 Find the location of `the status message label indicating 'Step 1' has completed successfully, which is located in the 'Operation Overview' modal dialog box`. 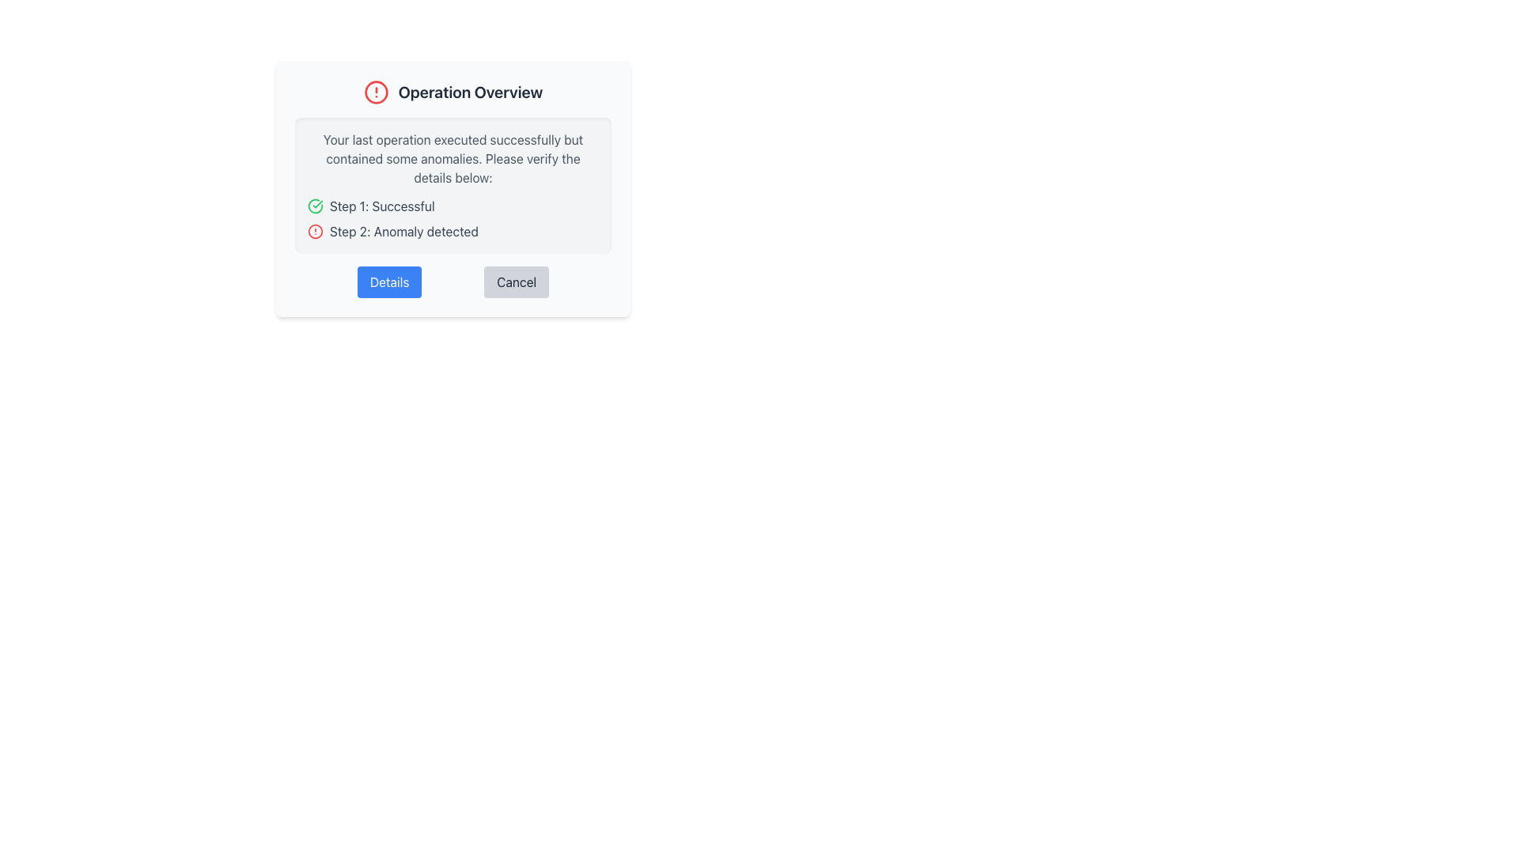

the status message label indicating 'Step 1' has completed successfully, which is located in the 'Operation Overview' modal dialog box is located at coordinates (382, 206).